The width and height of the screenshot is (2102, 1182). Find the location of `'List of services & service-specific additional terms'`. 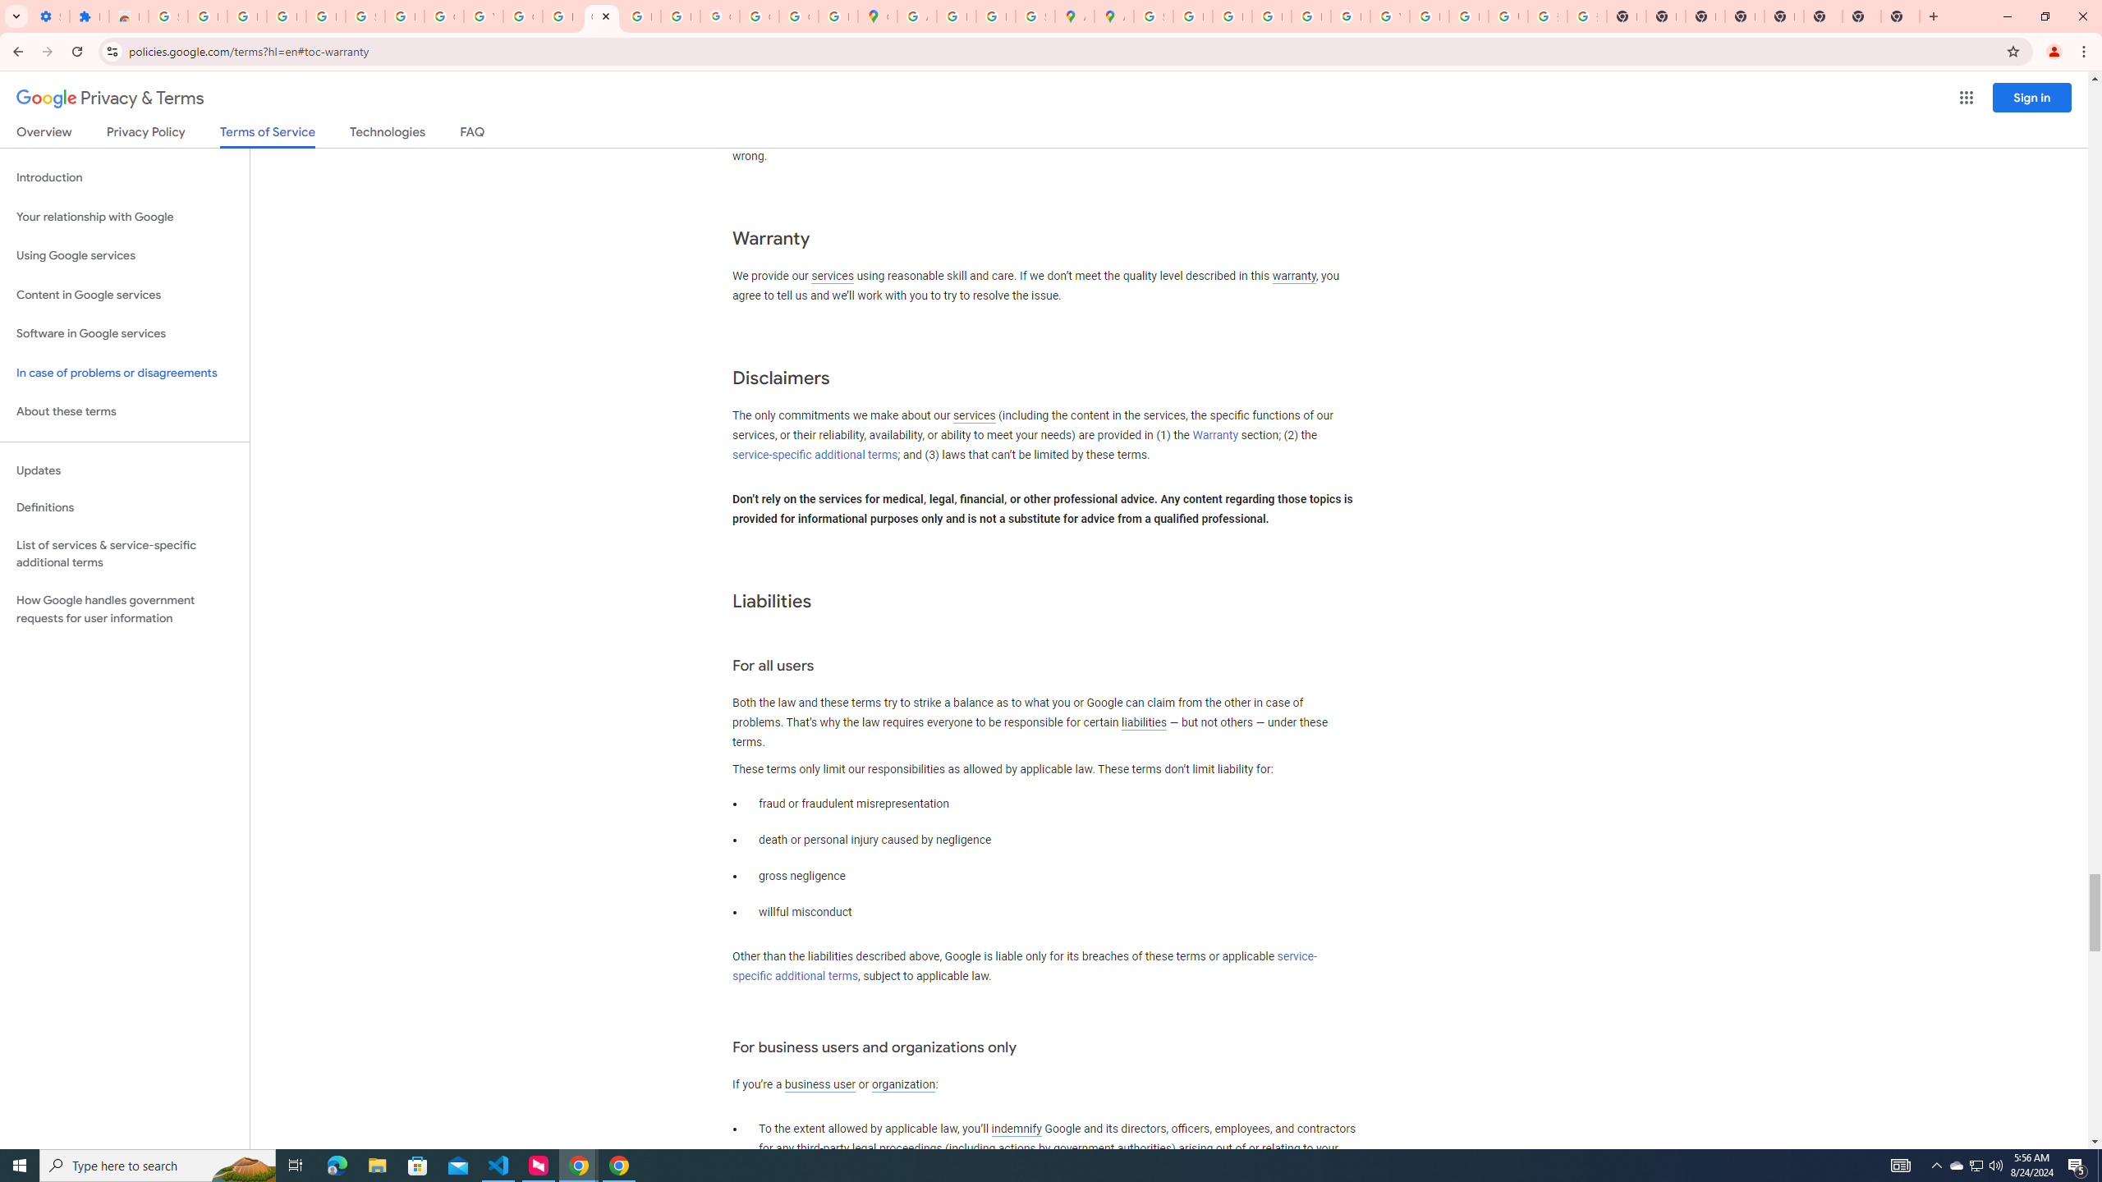

'List of services & service-specific additional terms' is located at coordinates (124, 553).